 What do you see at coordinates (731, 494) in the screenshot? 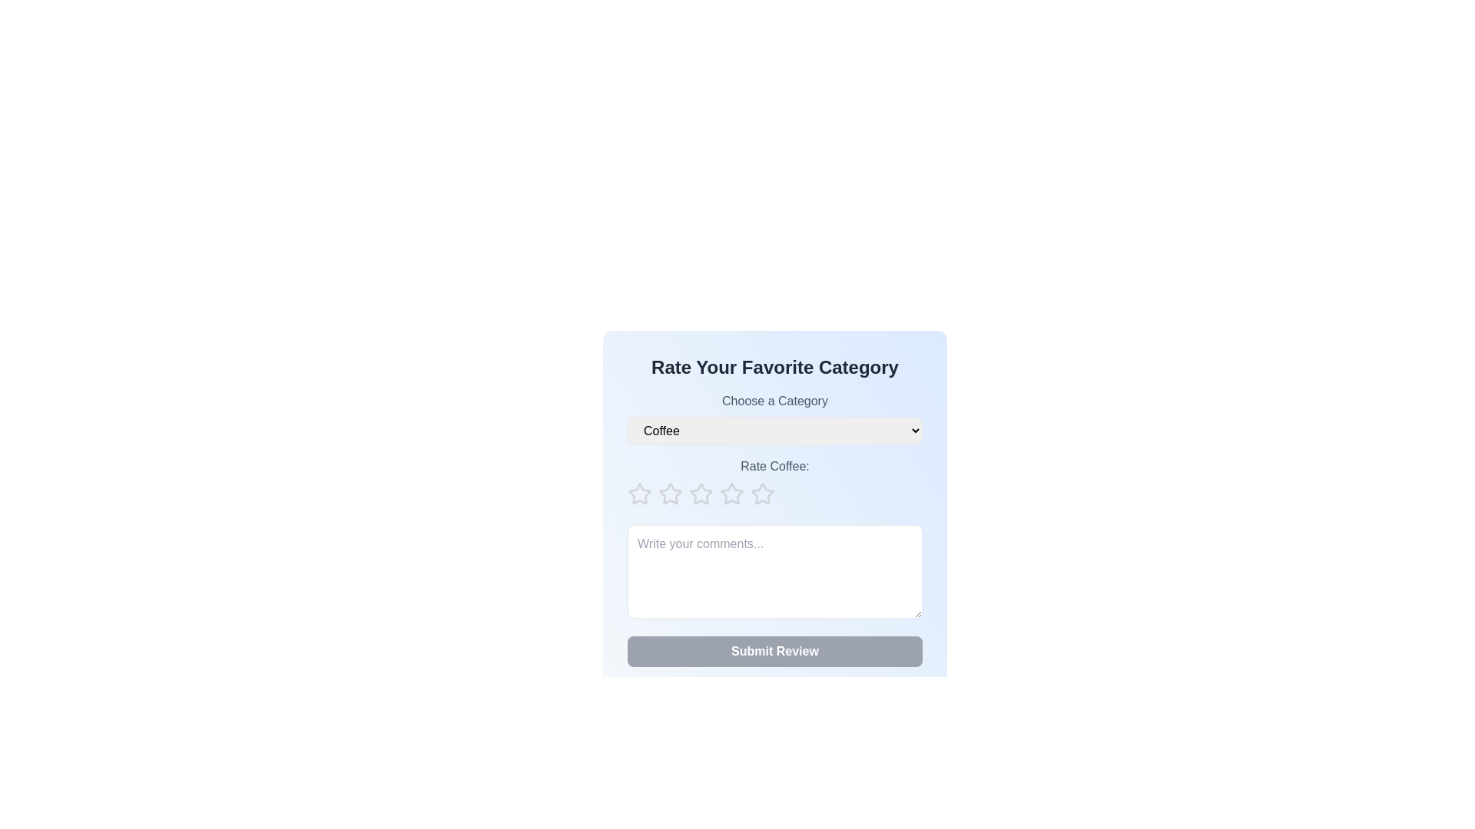
I see `the second hollow star icon in the rating section` at bounding box center [731, 494].